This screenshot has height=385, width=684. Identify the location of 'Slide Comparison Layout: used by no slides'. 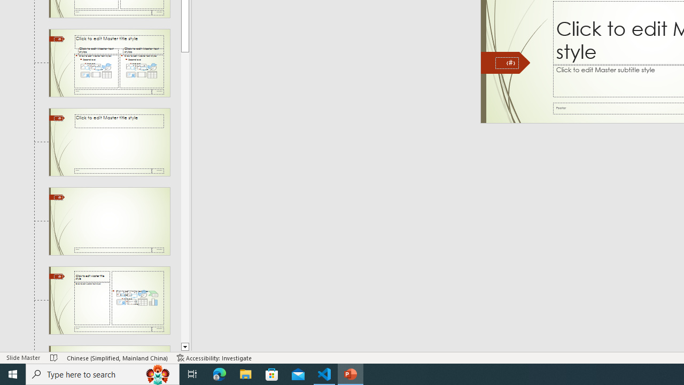
(109, 63).